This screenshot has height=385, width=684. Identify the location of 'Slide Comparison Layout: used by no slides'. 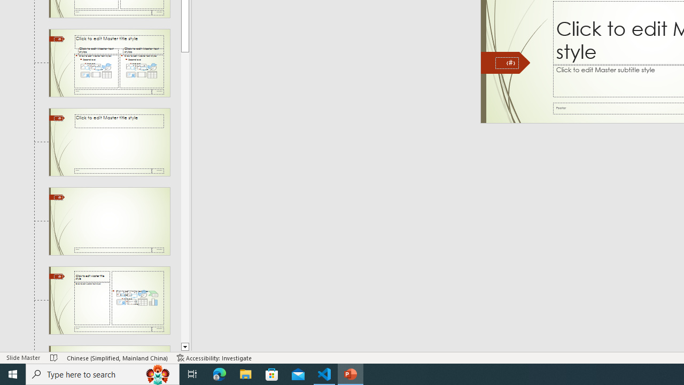
(109, 63).